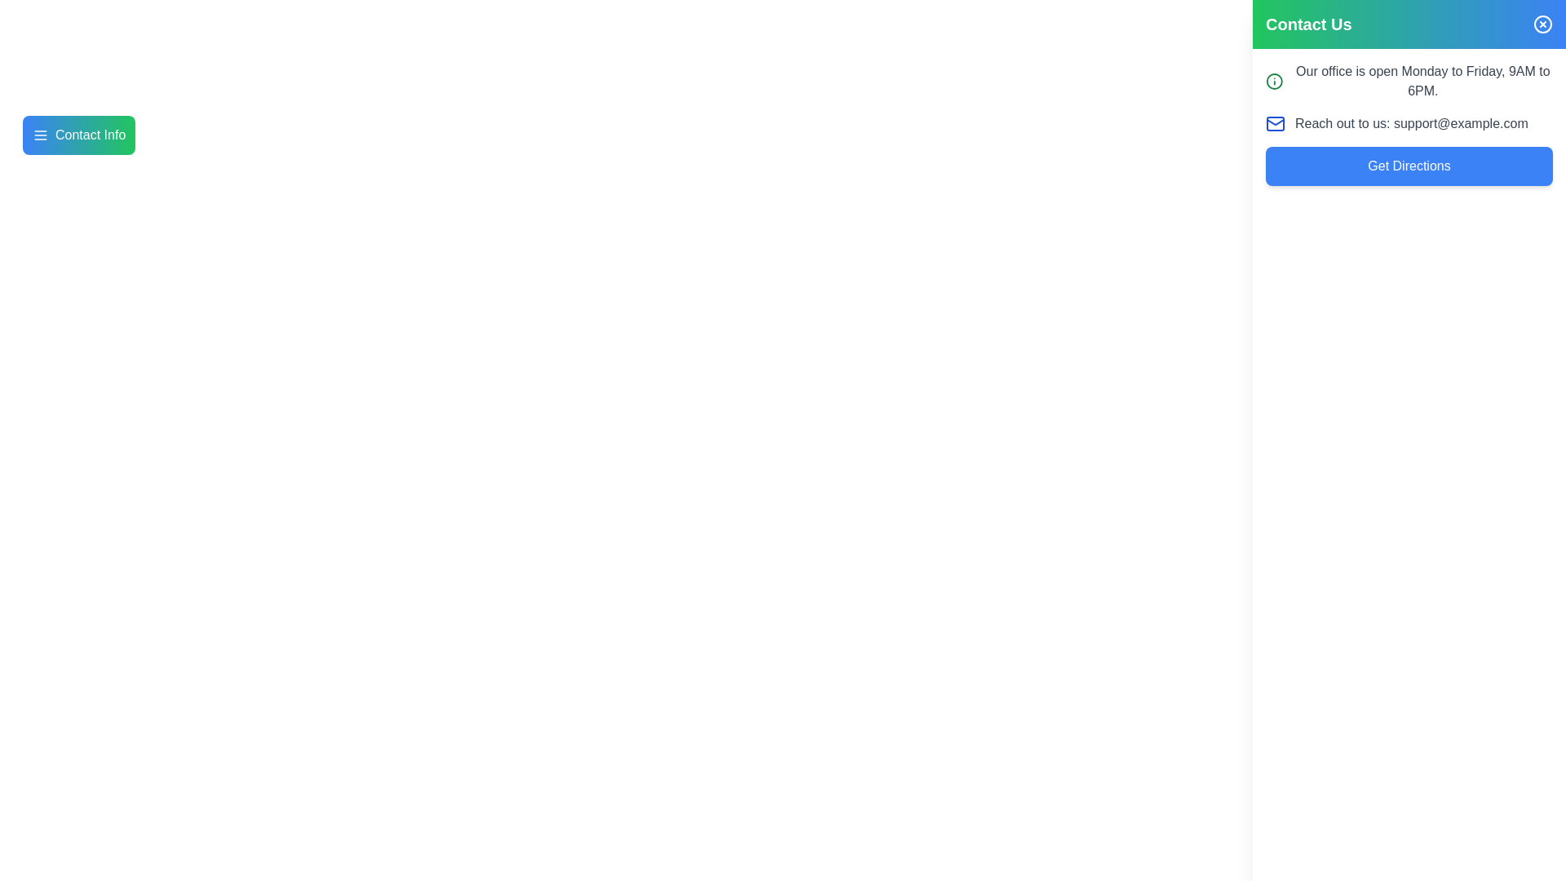  I want to click on the informational text element displaying 'Reach out to us: support@example.com', so click(1409, 122).